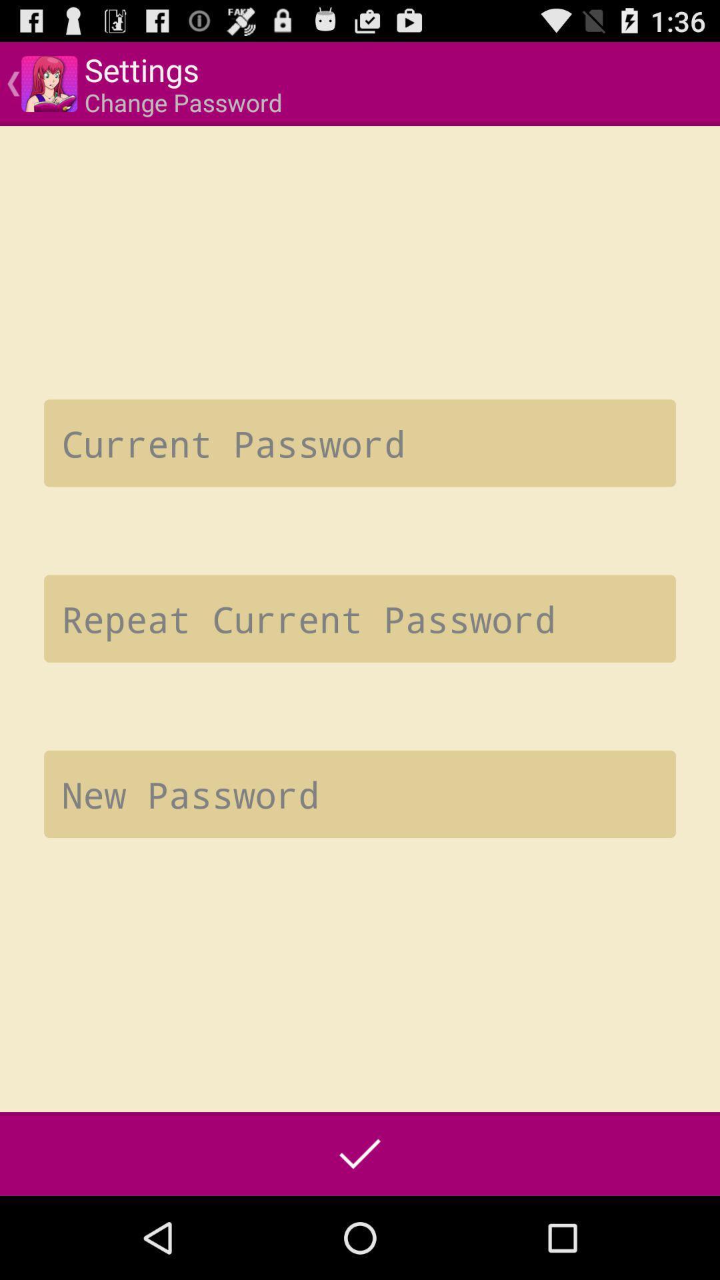  What do you see at coordinates (360, 618) in the screenshot?
I see `password` at bounding box center [360, 618].